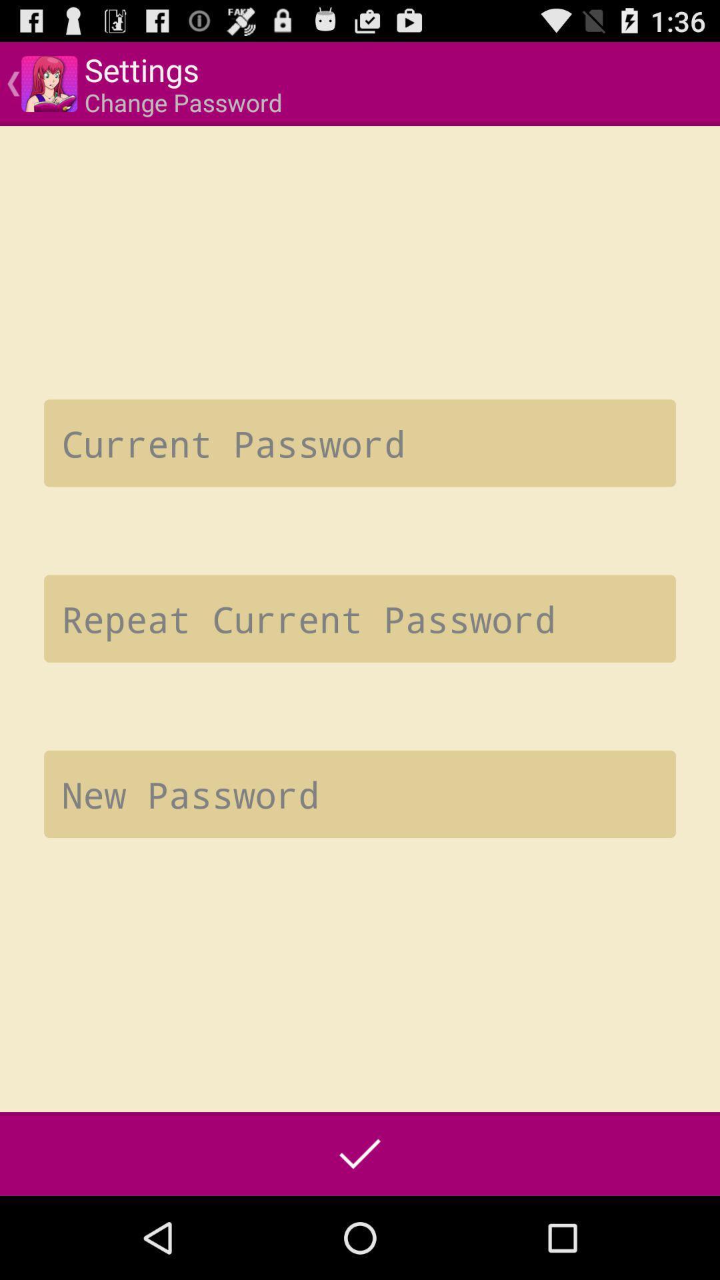  What do you see at coordinates (360, 618) in the screenshot?
I see `password` at bounding box center [360, 618].